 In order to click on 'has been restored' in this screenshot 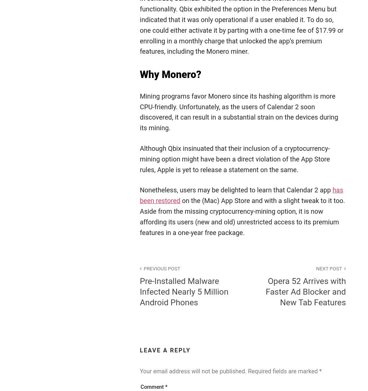, I will do `click(241, 195)`.